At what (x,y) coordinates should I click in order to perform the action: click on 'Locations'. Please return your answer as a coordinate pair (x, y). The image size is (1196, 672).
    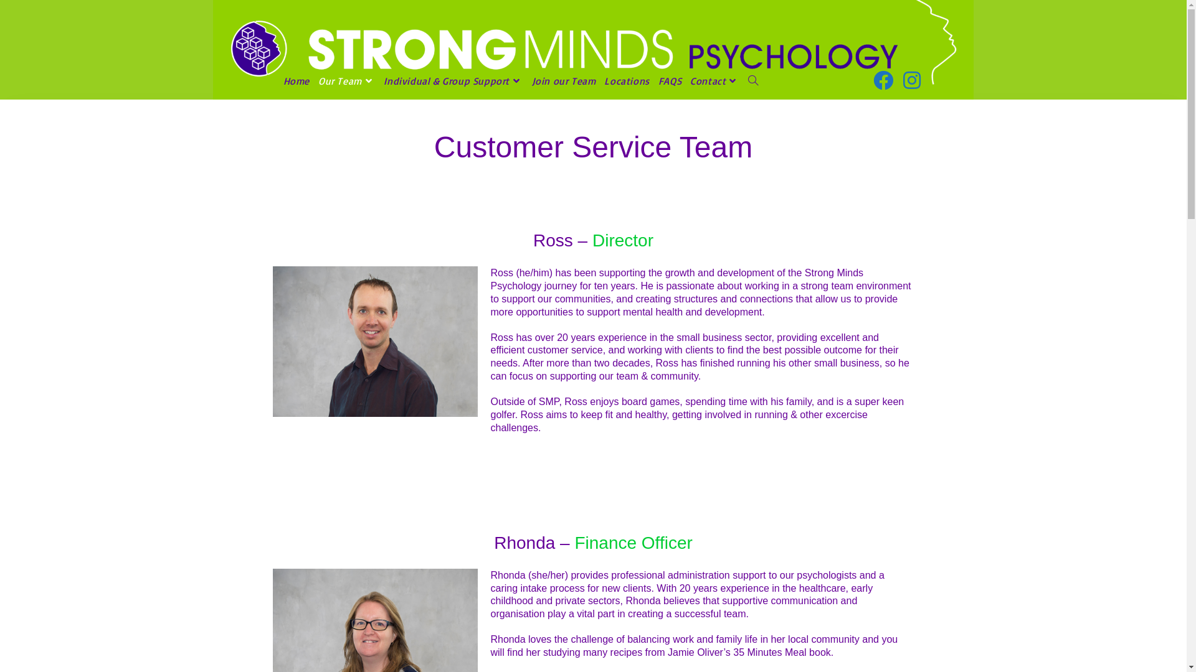
    Looking at the image, I should click on (627, 81).